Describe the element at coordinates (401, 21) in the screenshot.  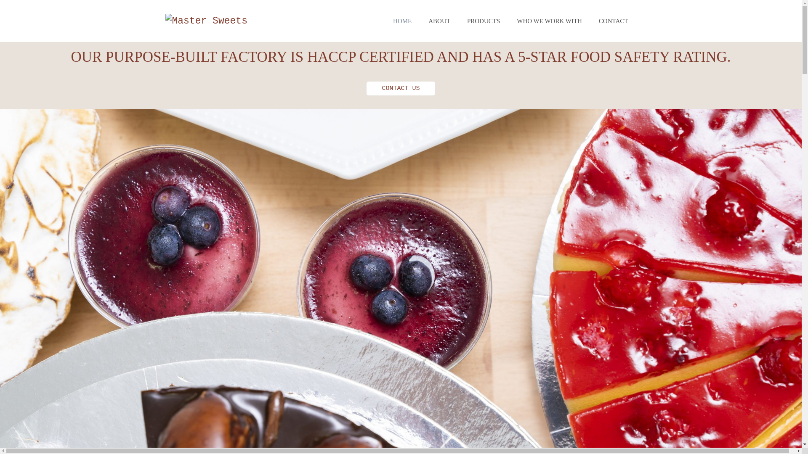
I see `'HOME'` at that location.